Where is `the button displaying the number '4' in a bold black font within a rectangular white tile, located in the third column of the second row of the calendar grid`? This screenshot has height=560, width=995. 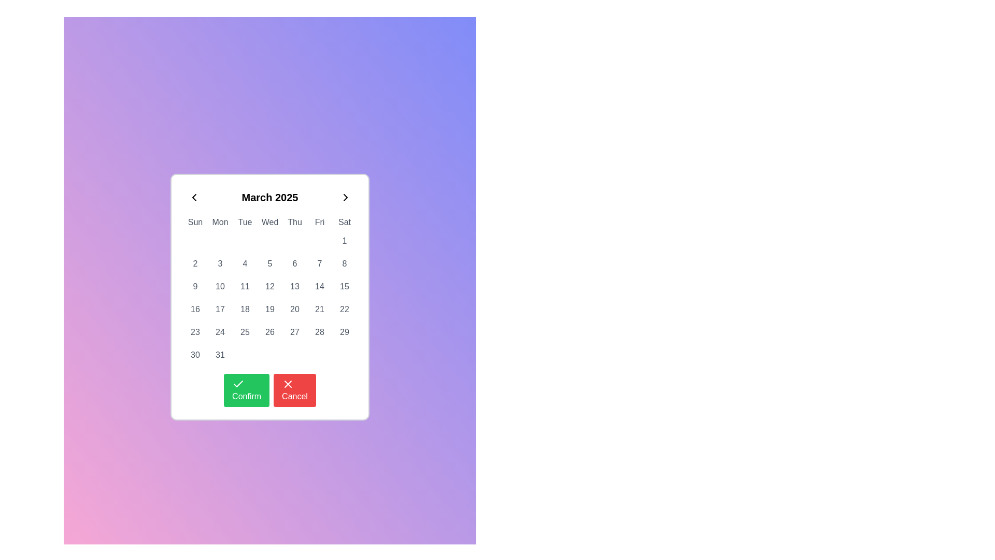 the button displaying the number '4' in a bold black font within a rectangular white tile, located in the third column of the second row of the calendar grid is located at coordinates (245, 263).